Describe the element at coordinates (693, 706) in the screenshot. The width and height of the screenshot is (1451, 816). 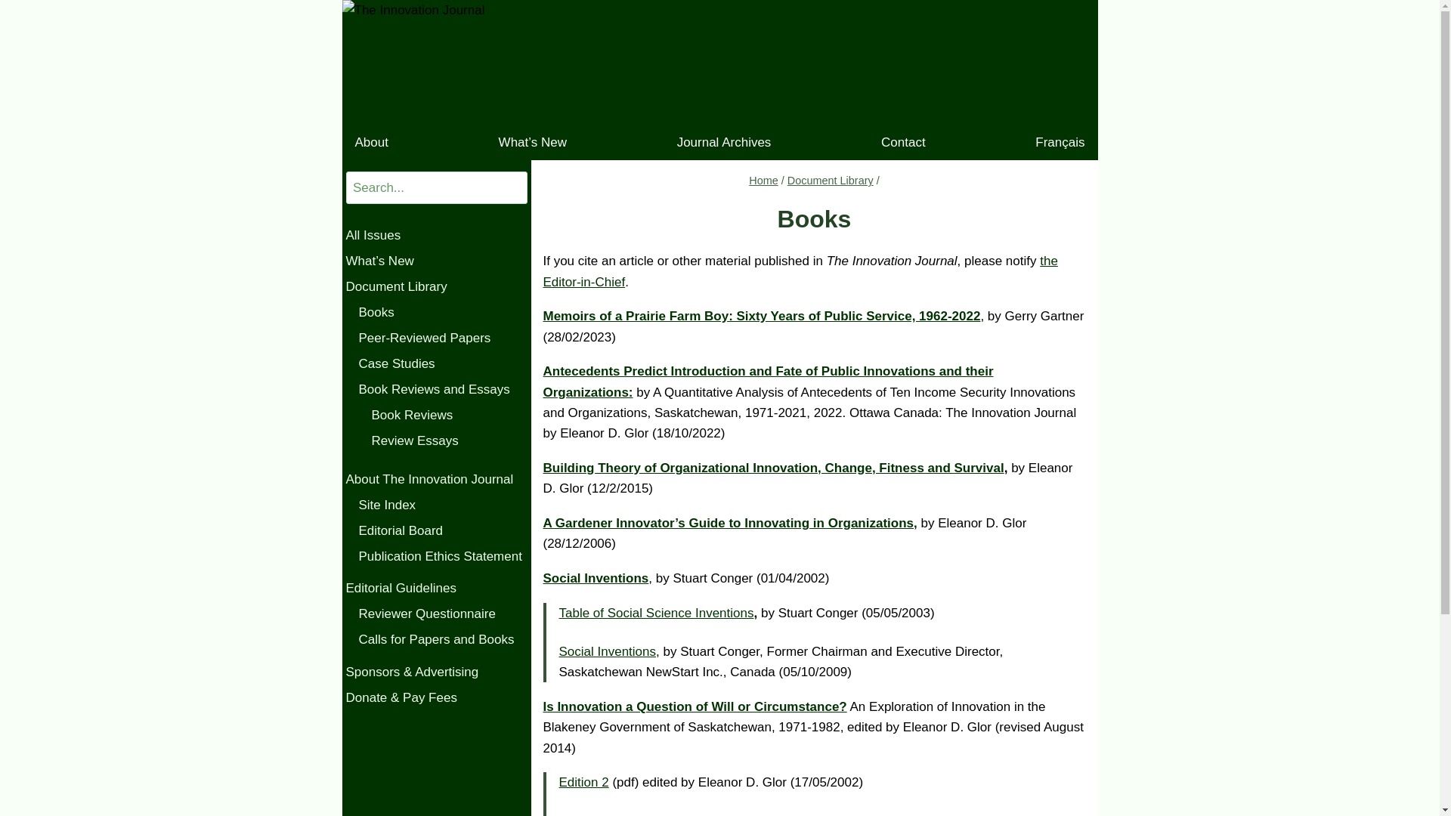
I see `'Is Innovation a Question of Will or Circumstance?'` at that location.